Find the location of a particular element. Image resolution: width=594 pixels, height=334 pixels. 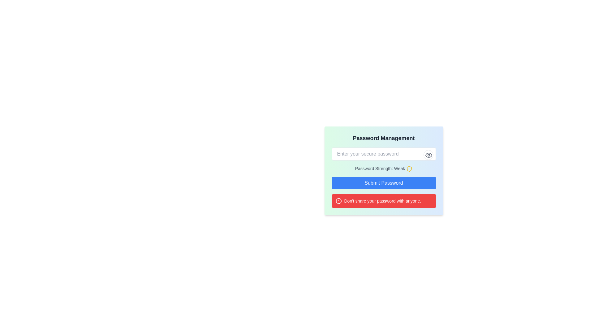

the eye icon located in the top-right corner of the password input field is located at coordinates (428, 155).